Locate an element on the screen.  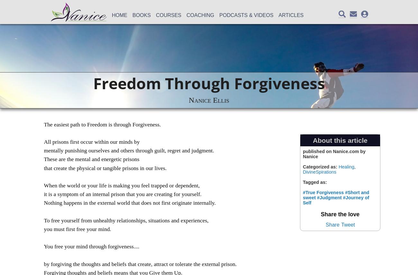
'Home' is located at coordinates (119, 15).